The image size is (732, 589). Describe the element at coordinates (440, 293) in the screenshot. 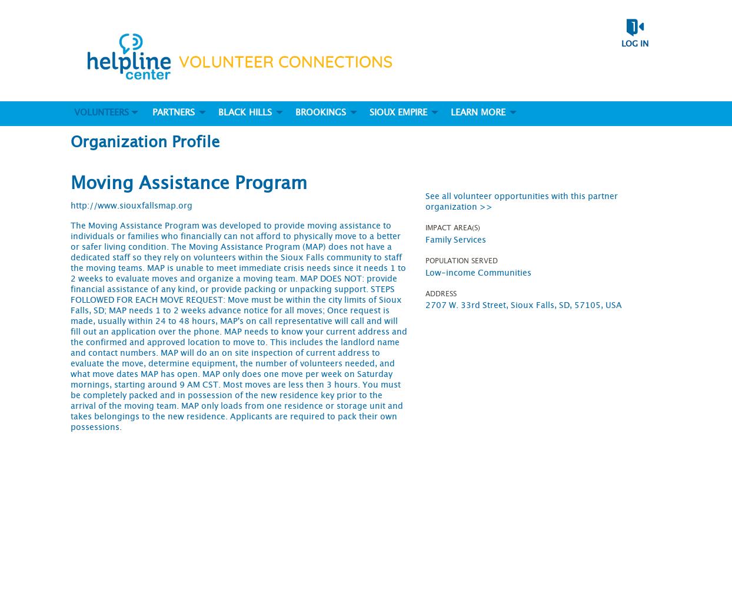

I see `'Address'` at that location.